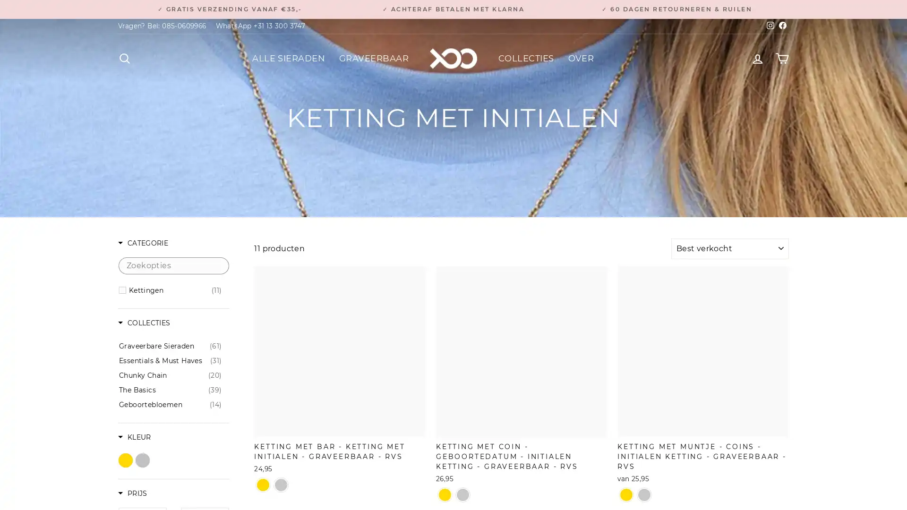 This screenshot has height=510, width=907. What do you see at coordinates (134, 438) in the screenshot?
I see `Filter by Kleur` at bounding box center [134, 438].